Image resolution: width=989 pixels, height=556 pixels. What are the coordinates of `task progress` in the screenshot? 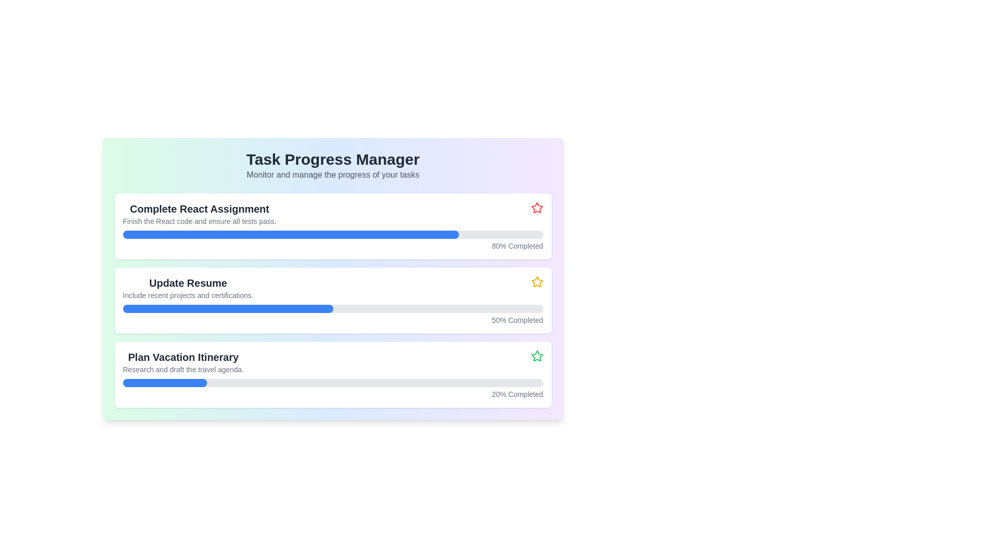 It's located at (227, 383).